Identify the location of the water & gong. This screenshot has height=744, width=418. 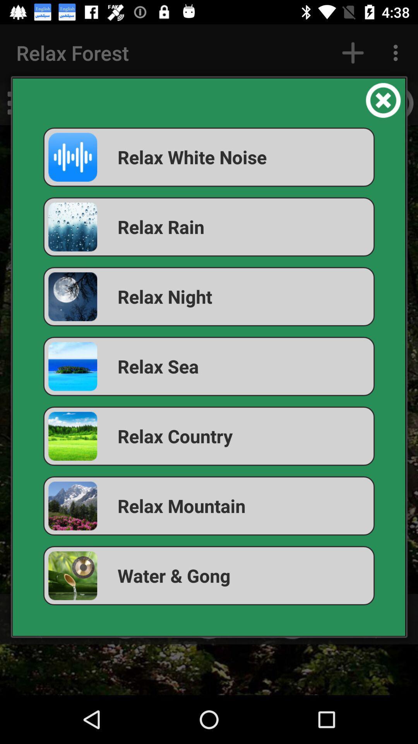
(209, 575).